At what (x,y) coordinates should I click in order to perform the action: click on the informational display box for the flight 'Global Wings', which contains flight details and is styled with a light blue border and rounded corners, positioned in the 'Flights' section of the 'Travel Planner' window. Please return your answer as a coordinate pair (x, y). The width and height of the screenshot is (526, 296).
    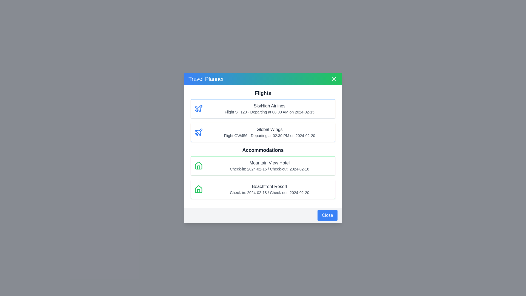
    Looking at the image, I should click on (263, 132).